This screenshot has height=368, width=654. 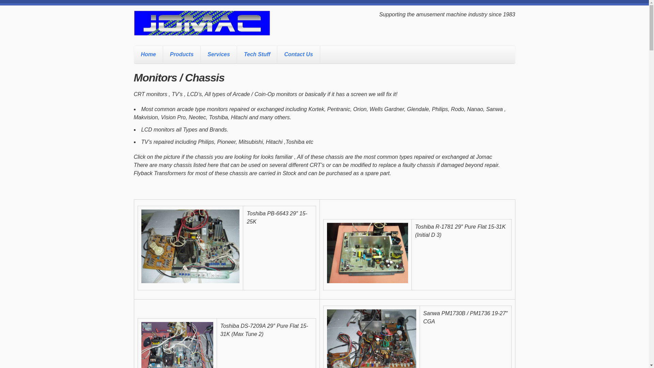 I want to click on 'Contact Us', so click(x=298, y=54).